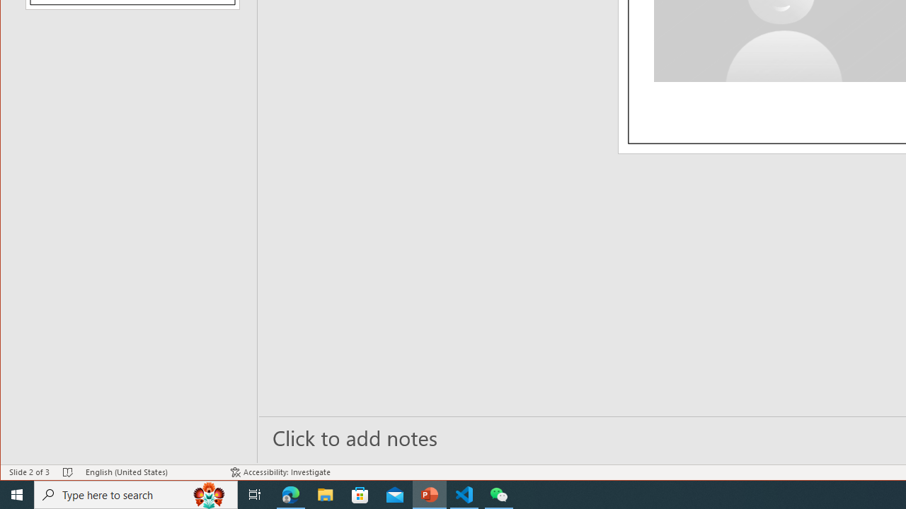  I want to click on 'Microsoft Store', so click(360, 493).